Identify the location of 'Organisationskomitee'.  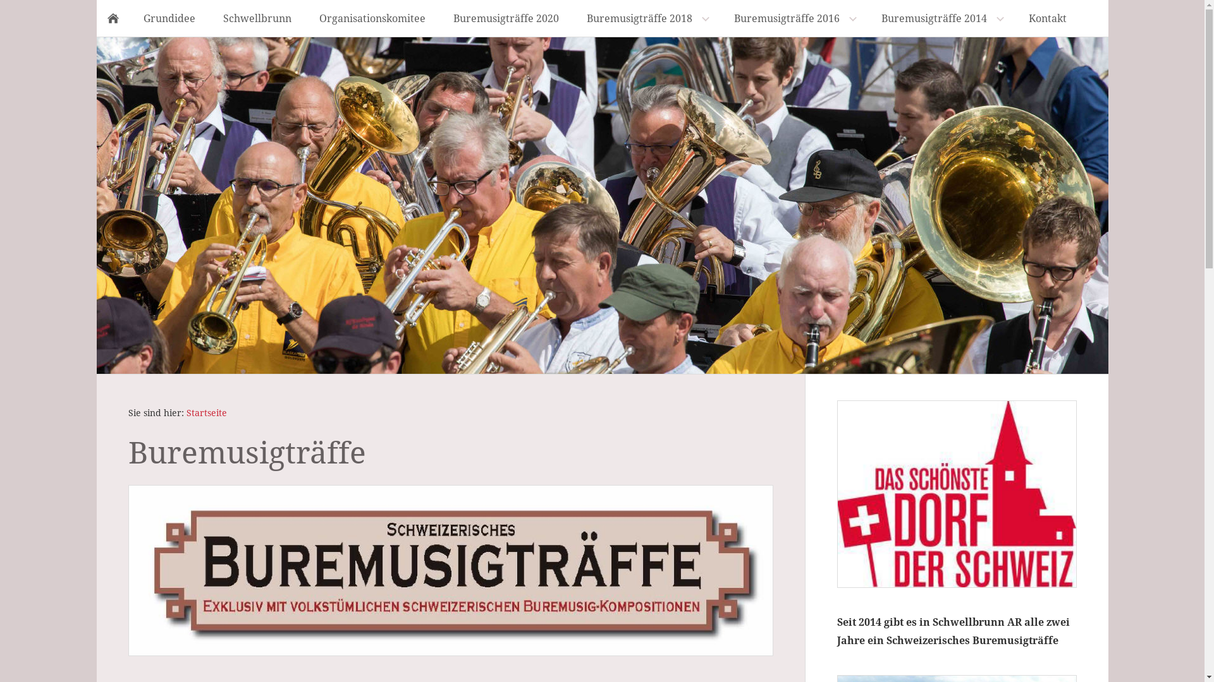
(371, 18).